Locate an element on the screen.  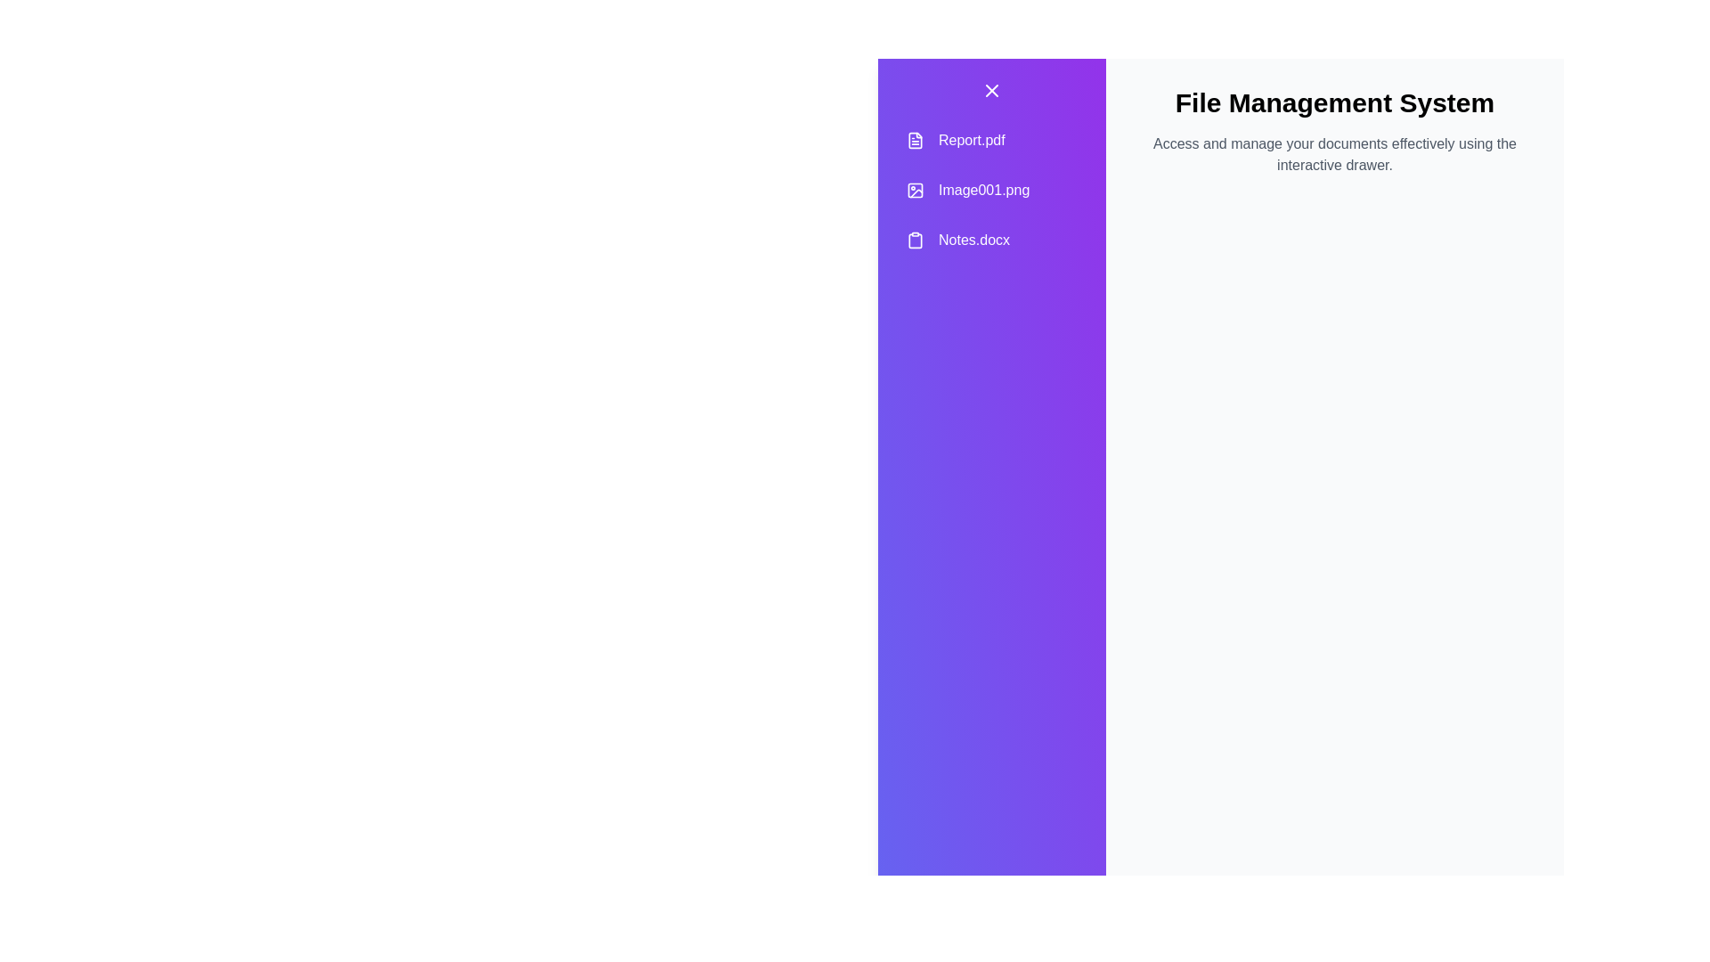
the document name Report.pdf to observe the hover effect is located at coordinates (990, 140).